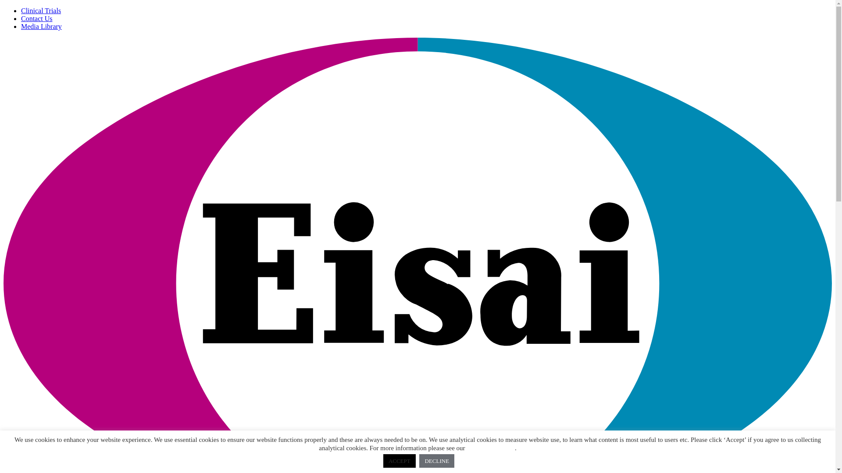  Describe the element at coordinates (490, 448) in the screenshot. I see `'Privacy Statement'` at that location.